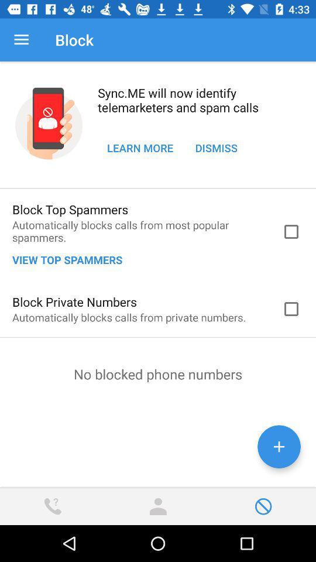 The height and width of the screenshot is (562, 316). I want to click on the dismiss icon, so click(215, 147).